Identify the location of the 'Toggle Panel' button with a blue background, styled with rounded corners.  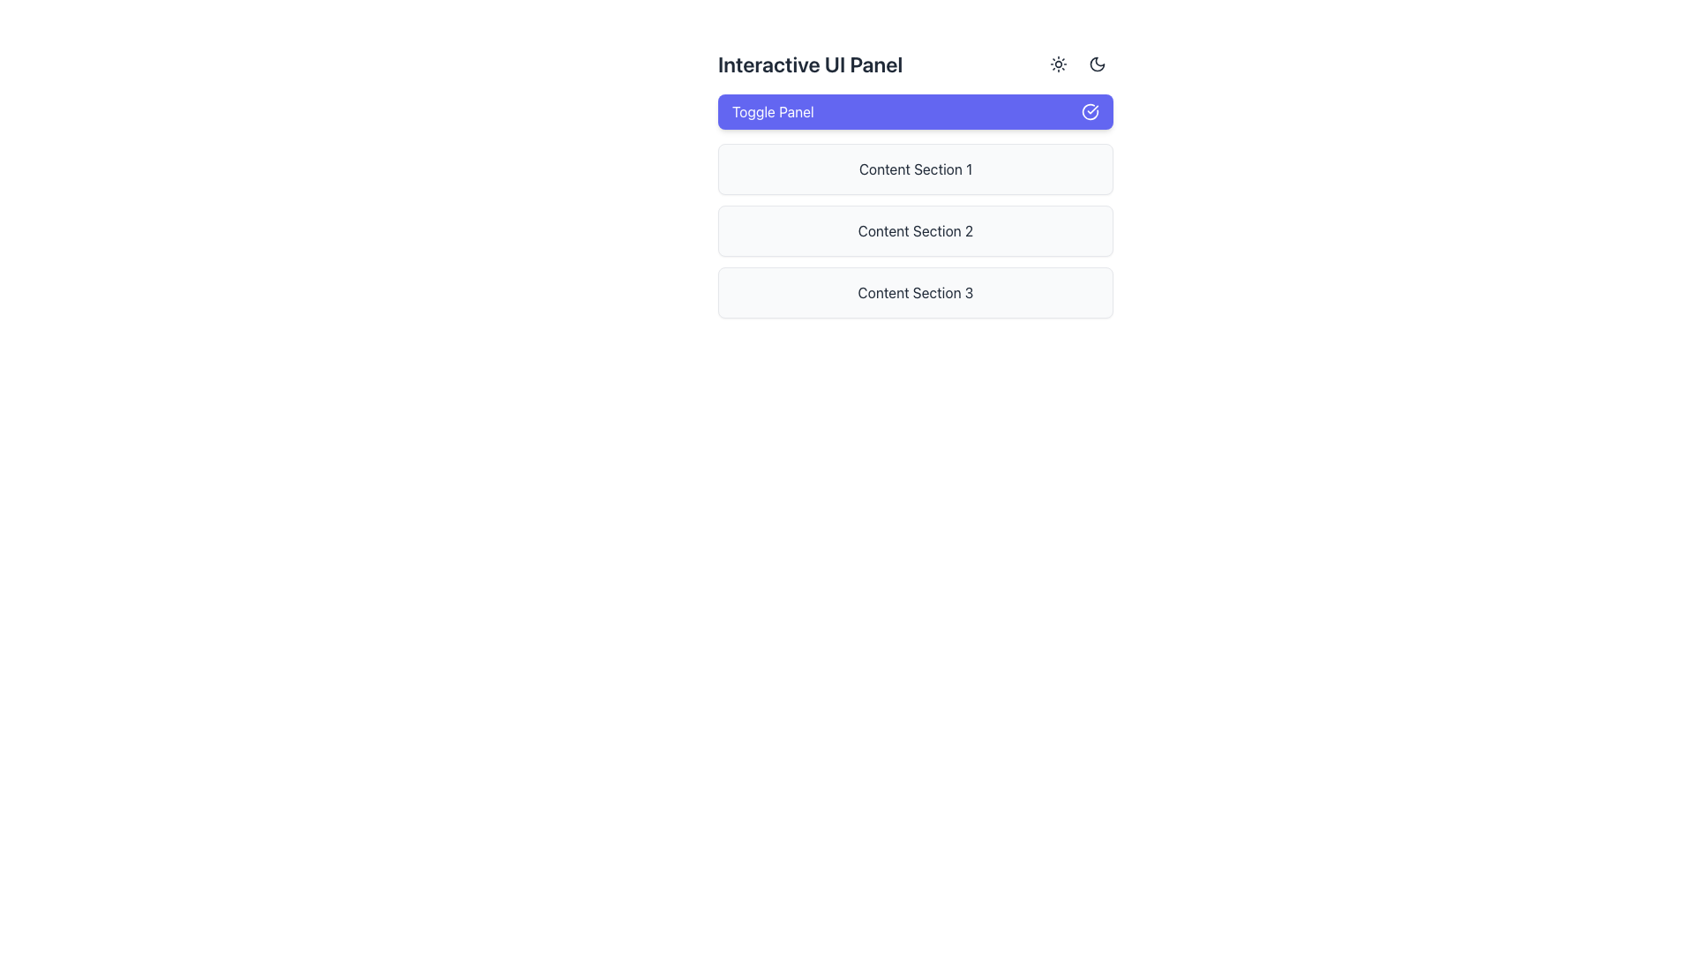
(915, 112).